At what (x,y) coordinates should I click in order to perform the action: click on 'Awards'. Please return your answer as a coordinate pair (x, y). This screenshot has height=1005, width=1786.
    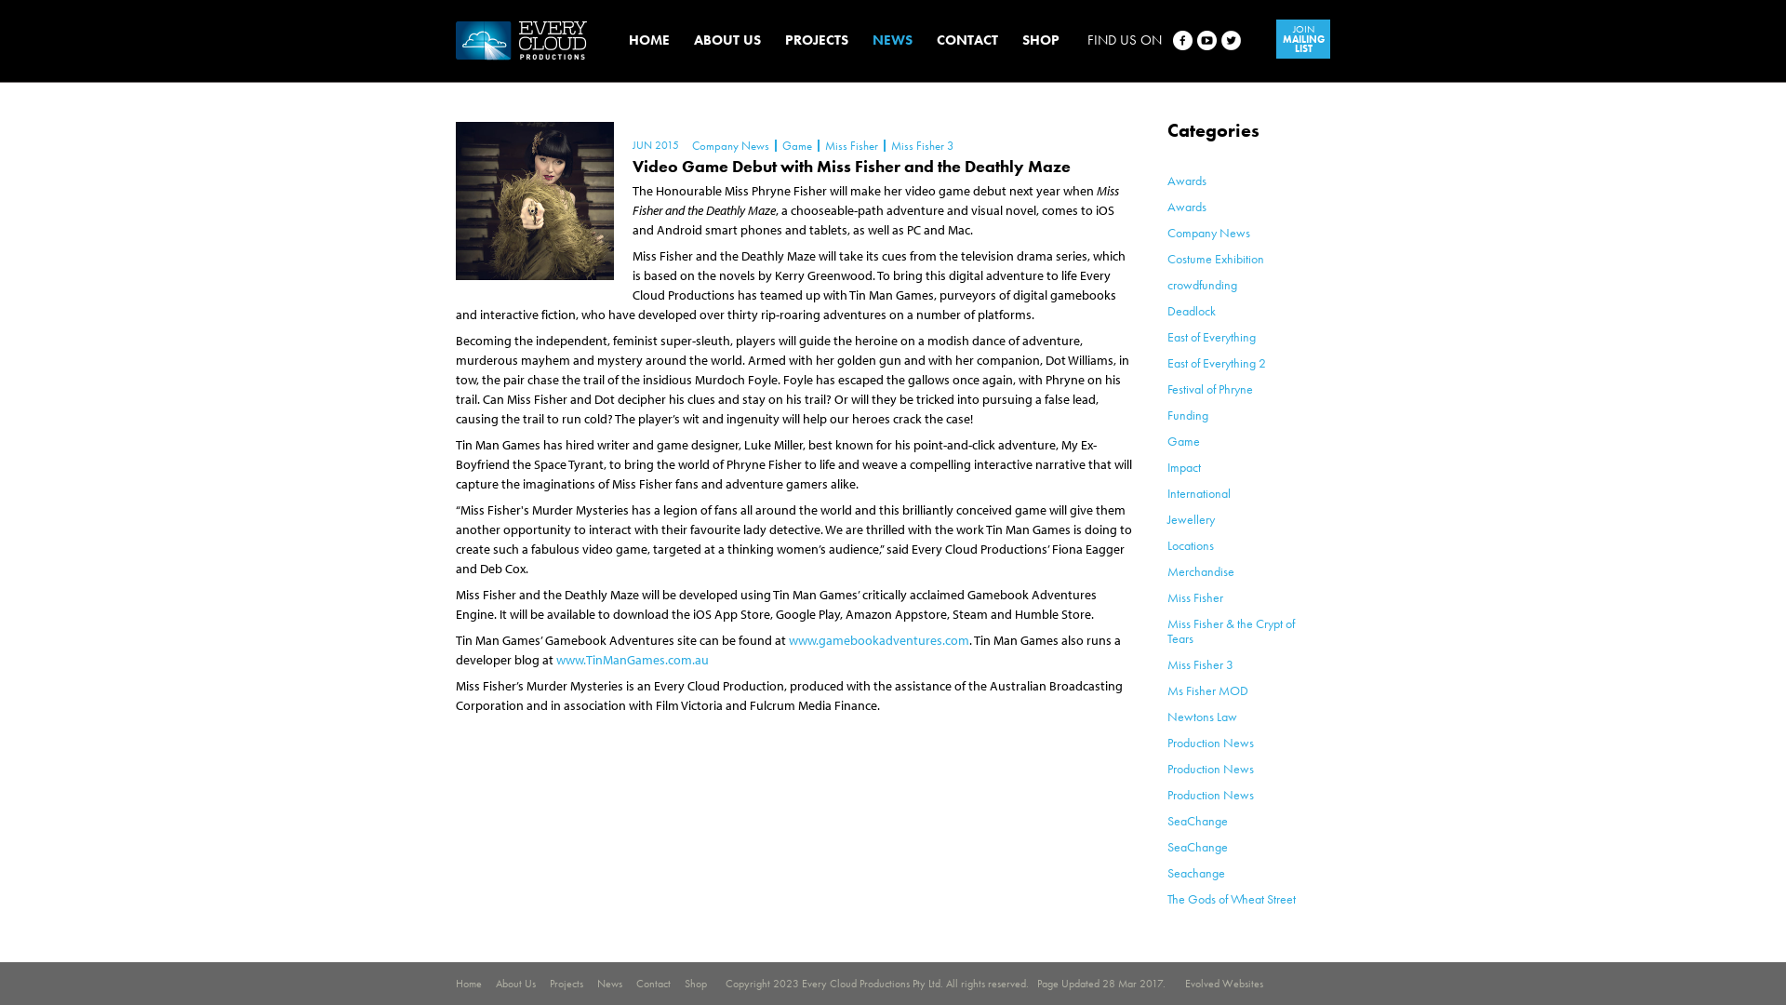
    Looking at the image, I should click on (1186, 180).